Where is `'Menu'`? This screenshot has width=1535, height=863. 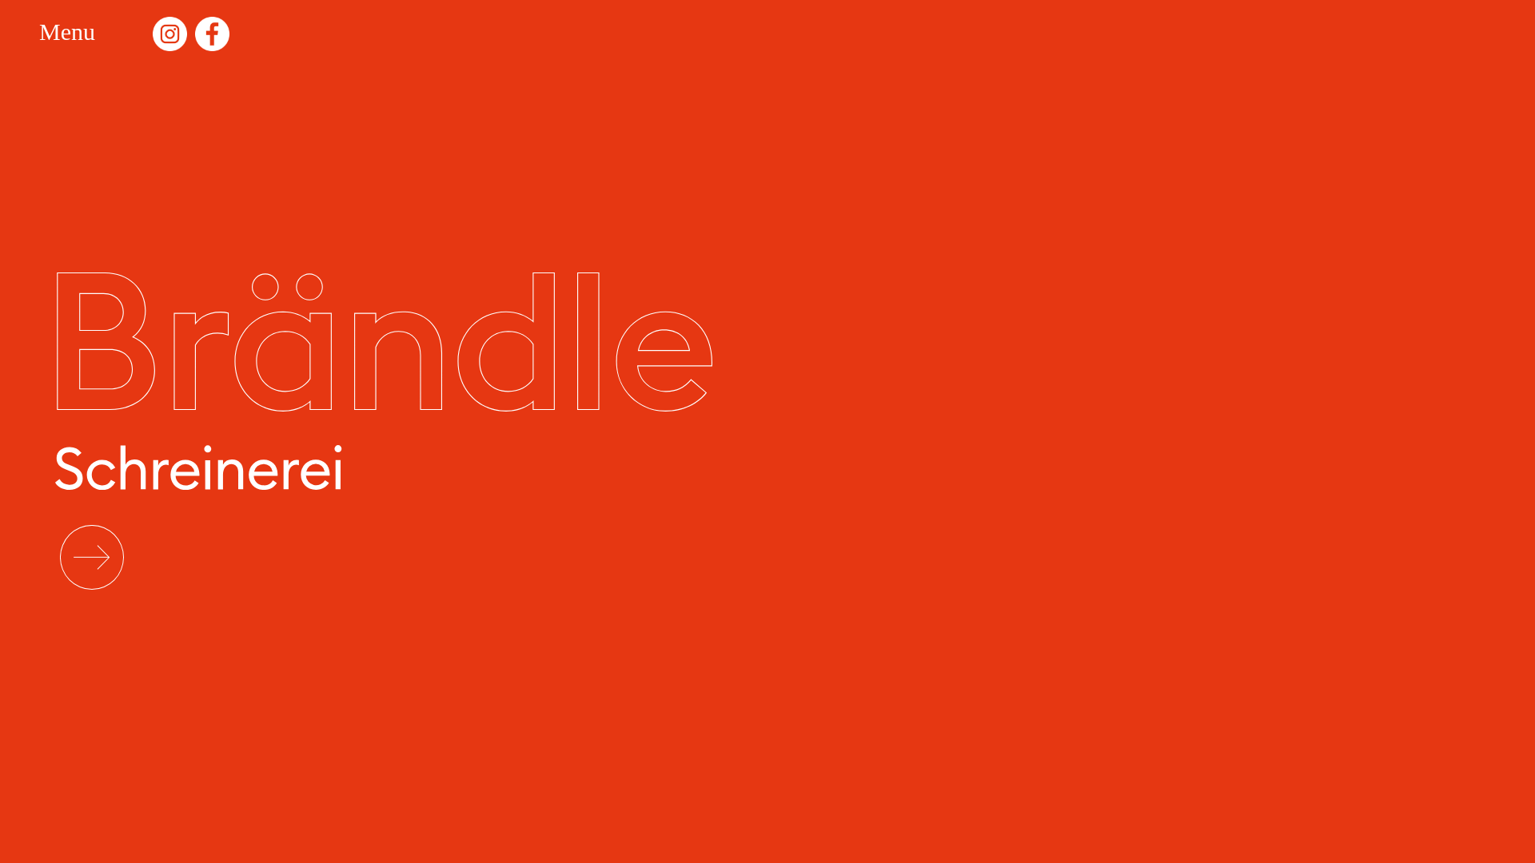 'Menu' is located at coordinates (76, 36).